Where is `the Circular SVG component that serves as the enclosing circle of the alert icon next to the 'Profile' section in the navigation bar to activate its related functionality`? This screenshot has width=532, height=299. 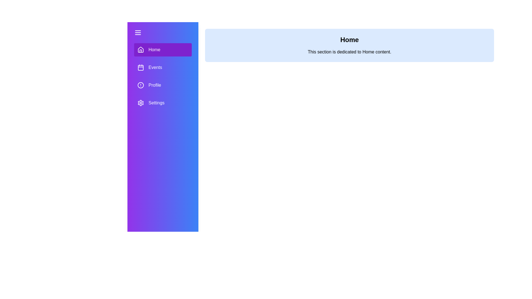
the Circular SVG component that serves as the enclosing circle of the alert icon next to the 'Profile' section in the navigation bar to activate its related functionality is located at coordinates (141, 85).